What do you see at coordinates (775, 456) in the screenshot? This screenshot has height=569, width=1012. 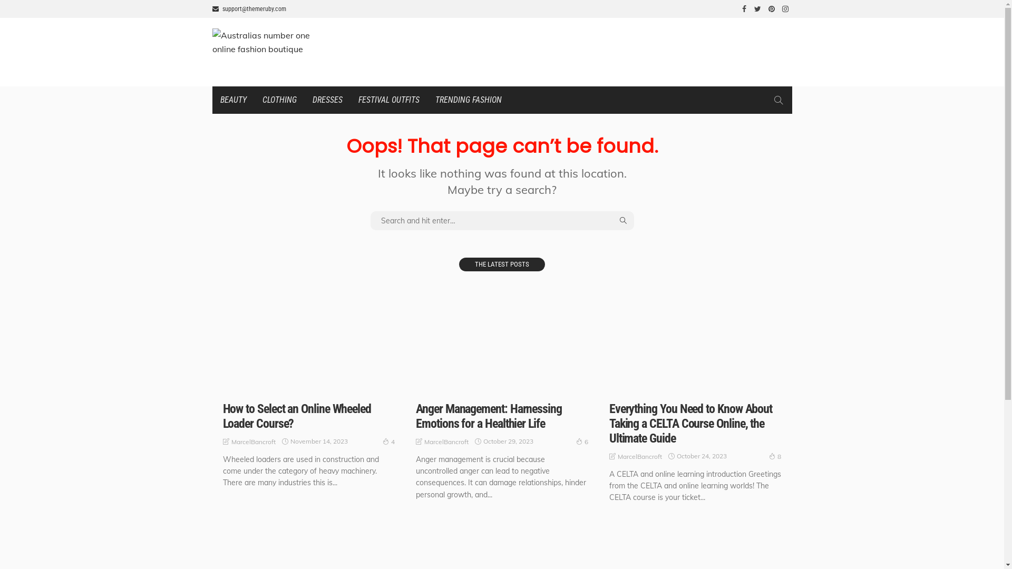 I see `'8'` at bounding box center [775, 456].